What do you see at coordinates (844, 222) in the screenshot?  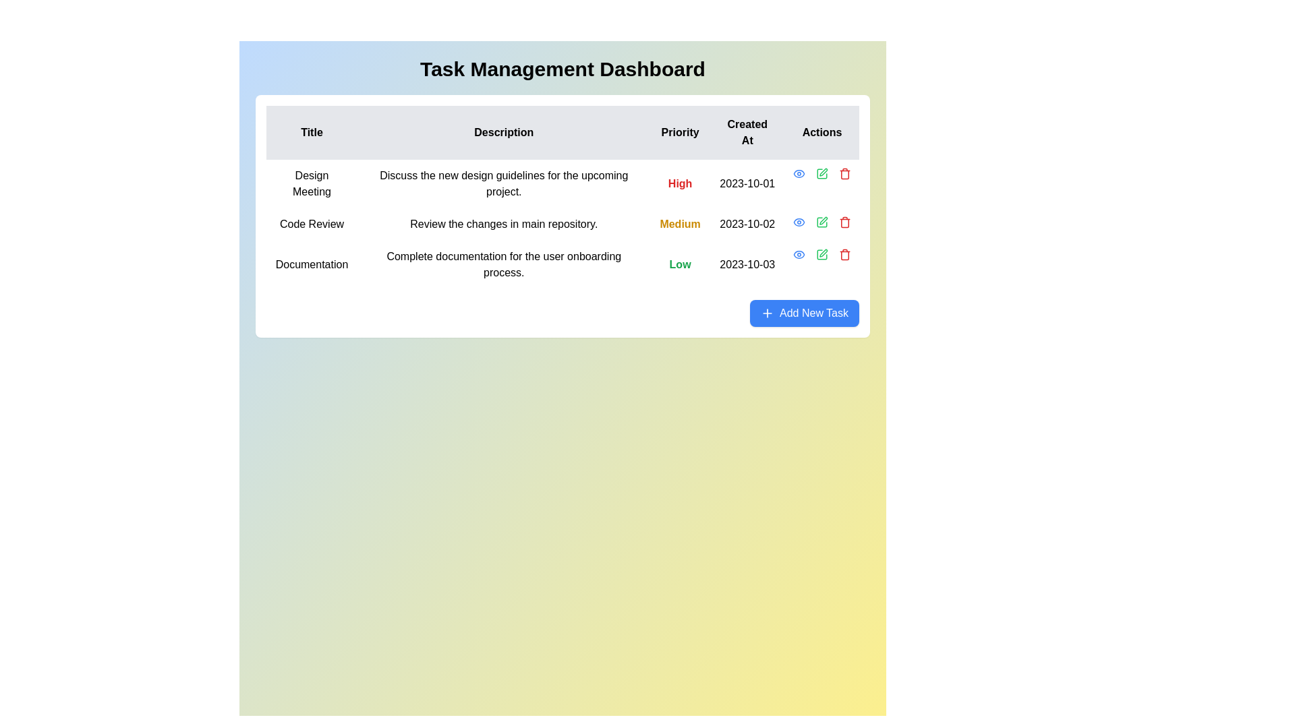 I see `the small red trash bin icon button located at the right end of the 'Actions' column in the last row of the data table` at bounding box center [844, 222].